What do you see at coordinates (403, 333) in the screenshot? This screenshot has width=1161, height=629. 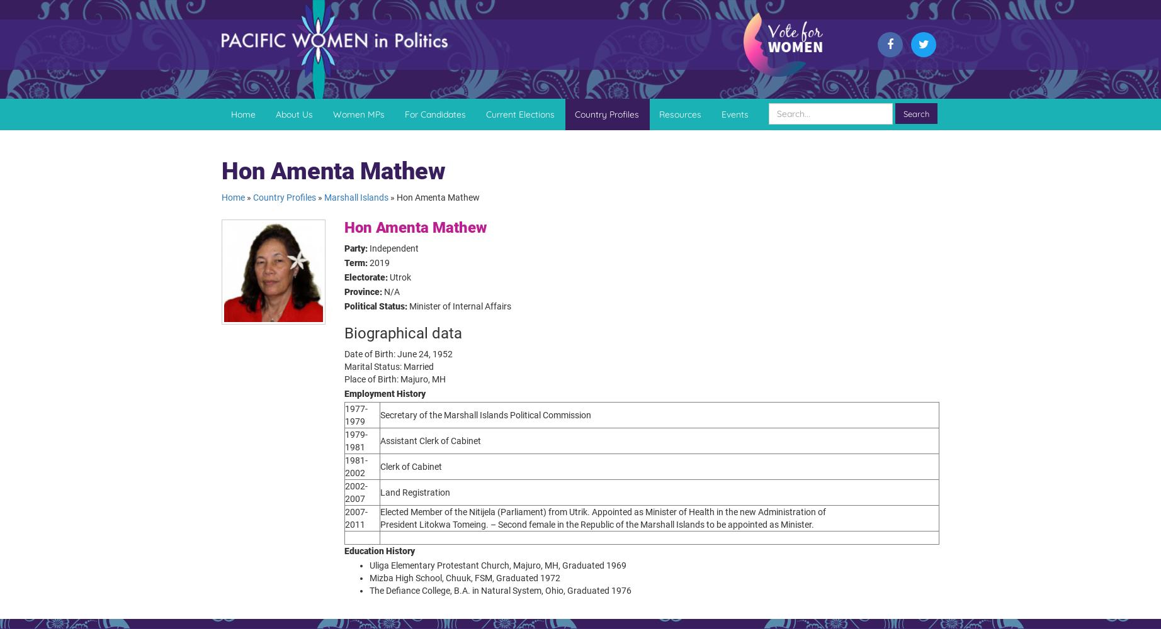 I see `'Biographical data'` at bounding box center [403, 333].